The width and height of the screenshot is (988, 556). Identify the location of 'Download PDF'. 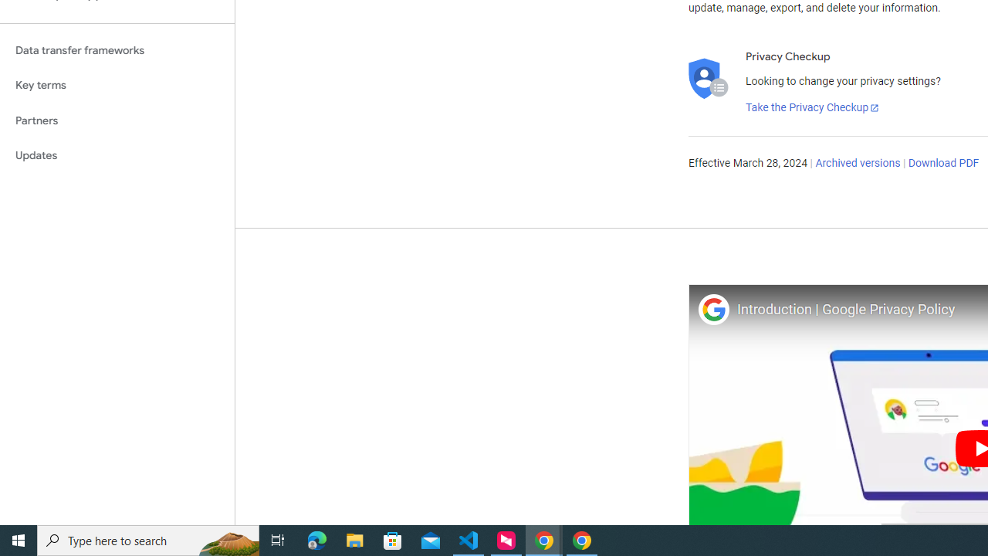
(942, 164).